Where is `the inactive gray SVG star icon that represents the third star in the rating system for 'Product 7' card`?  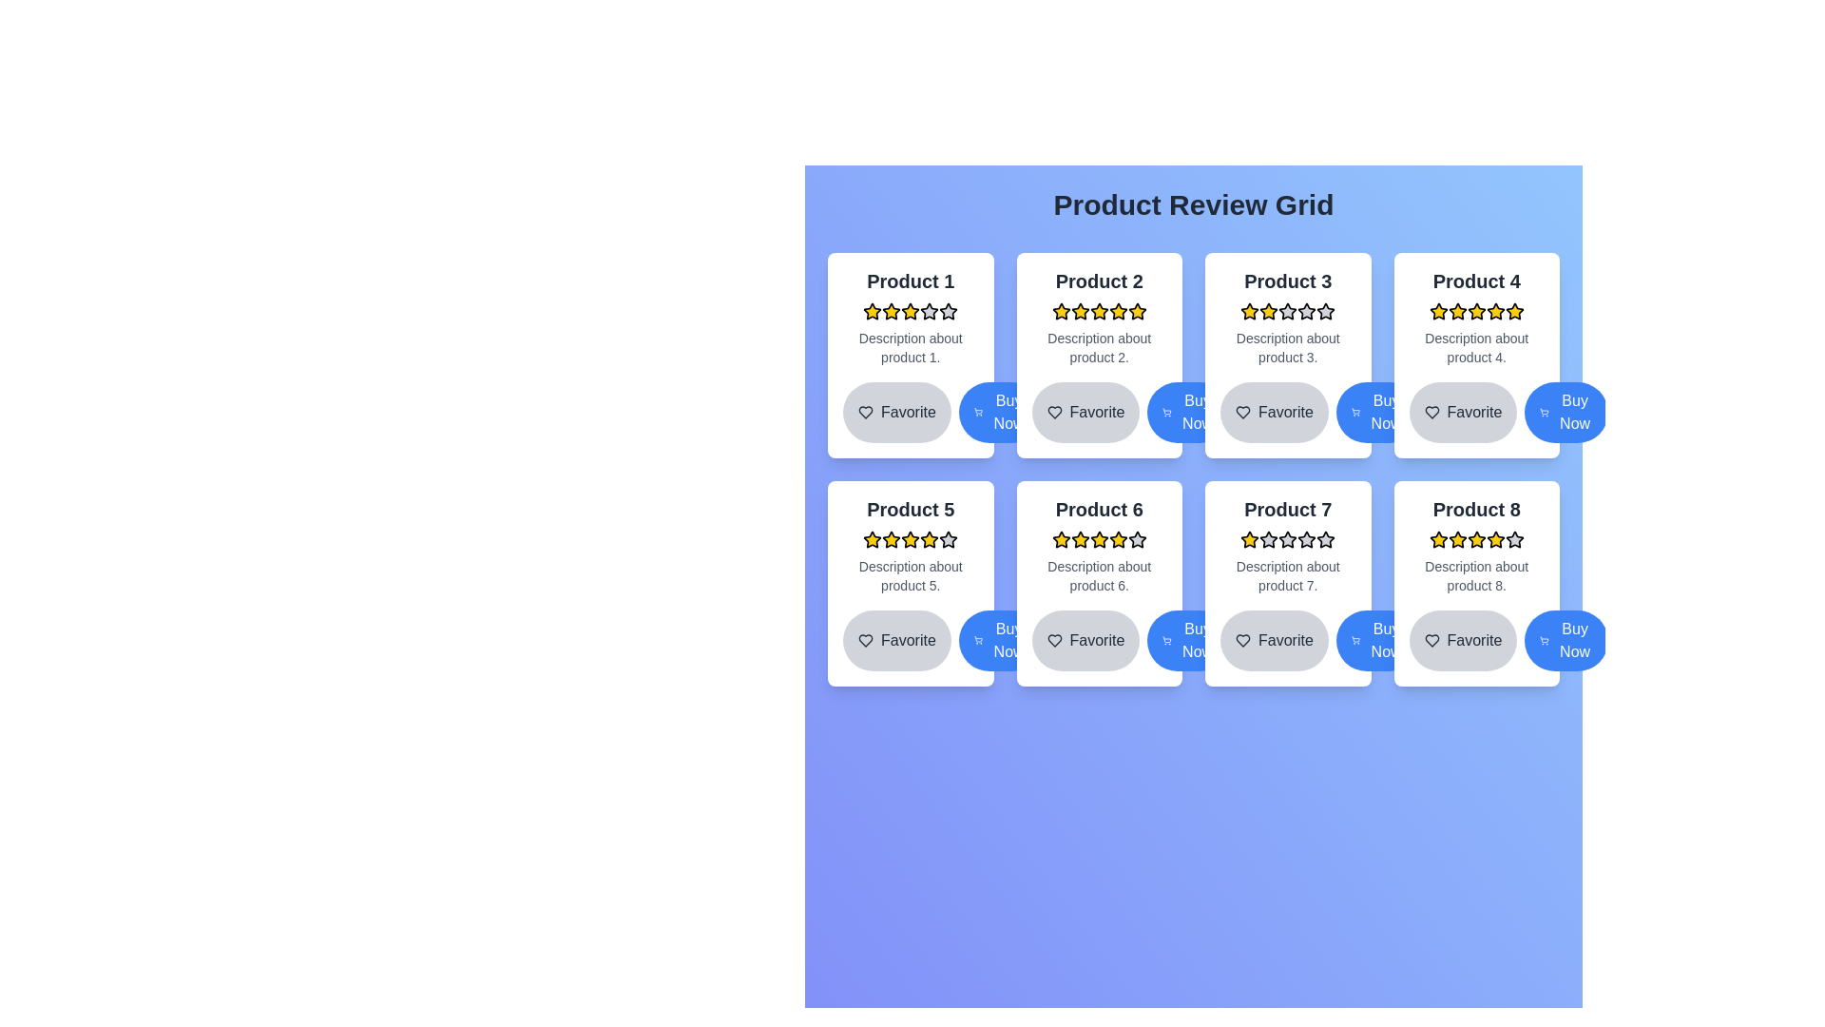
the inactive gray SVG star icon that represents the third star in the rating system for 'Product 7' card is located at coordinates (1269, 539).